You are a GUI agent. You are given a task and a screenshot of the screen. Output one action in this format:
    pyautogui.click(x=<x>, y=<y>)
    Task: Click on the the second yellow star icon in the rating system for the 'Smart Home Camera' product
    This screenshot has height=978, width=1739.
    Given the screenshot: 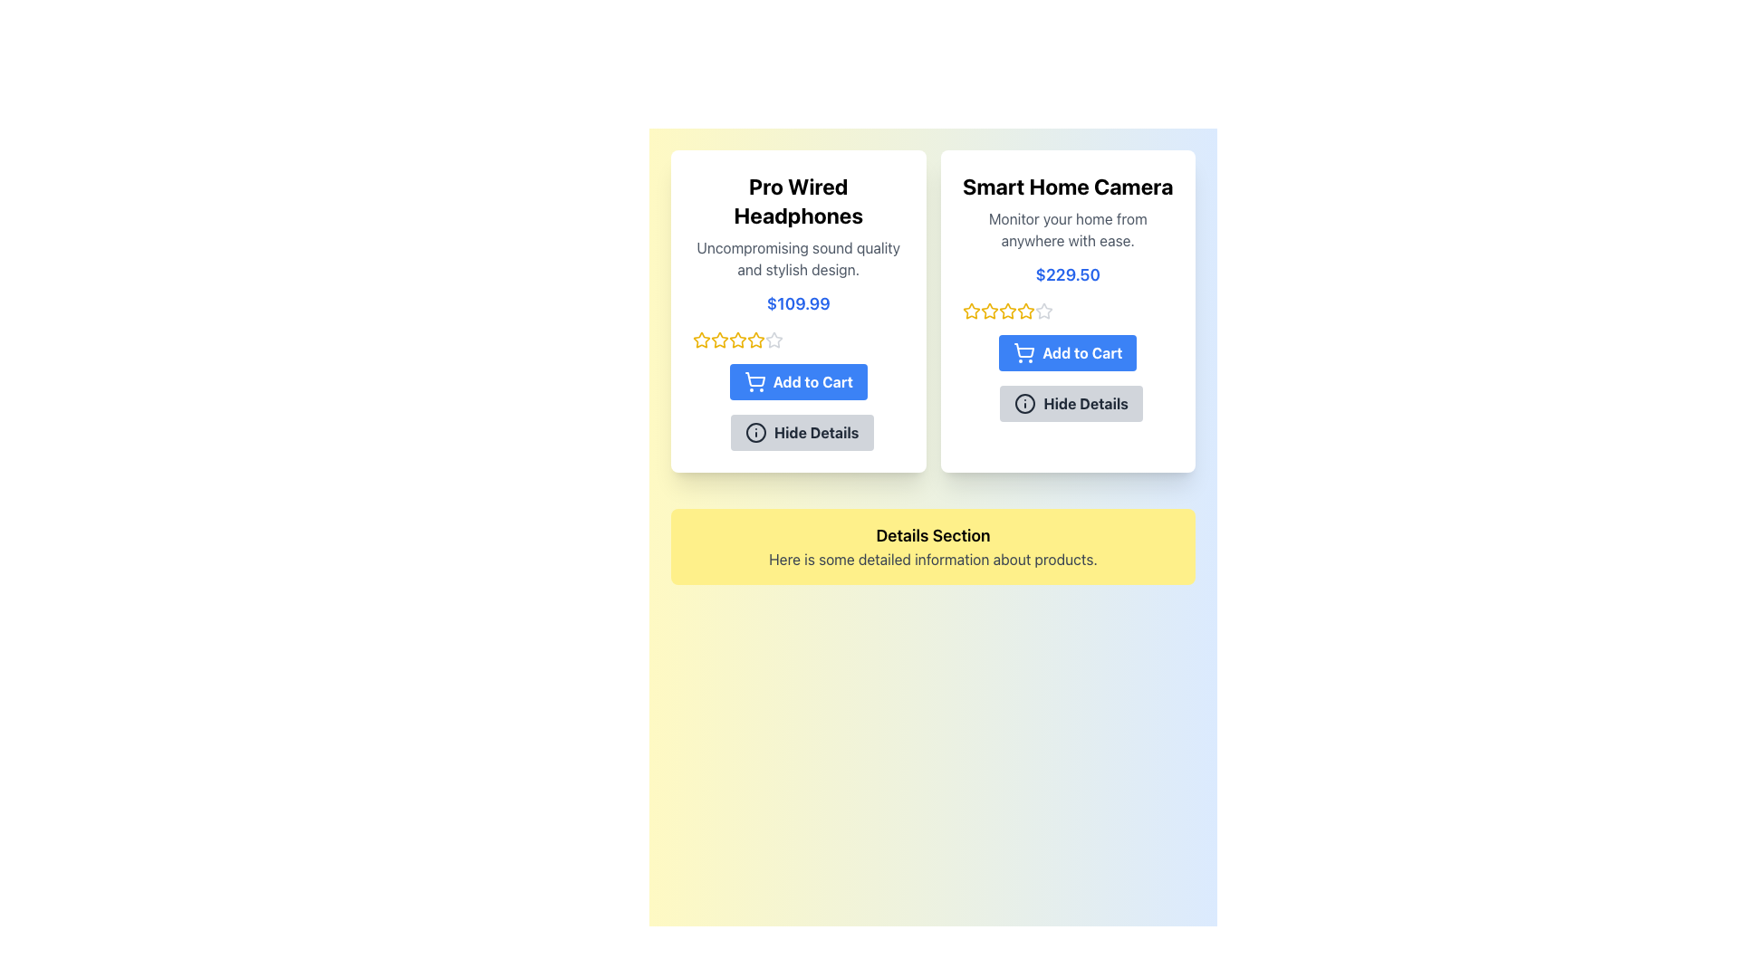 What is the action you would take?
    pyautogui.click(x=987, y=310)
    